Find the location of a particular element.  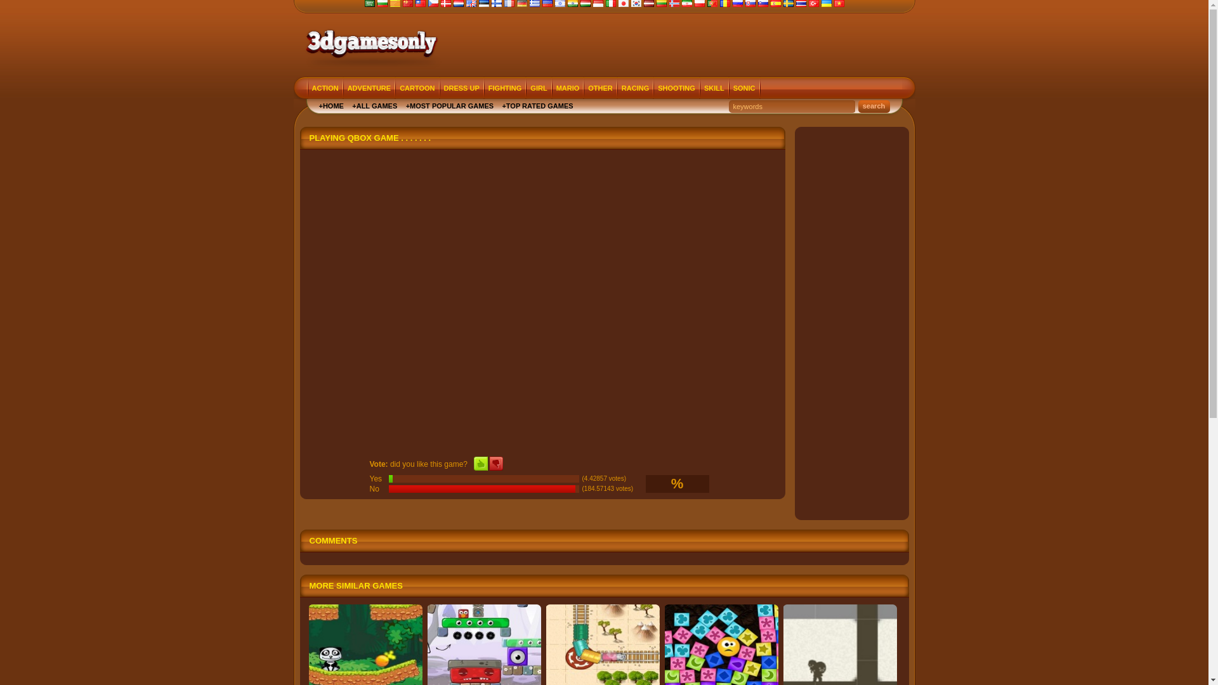

'No' is located at coordinates (495, 464).